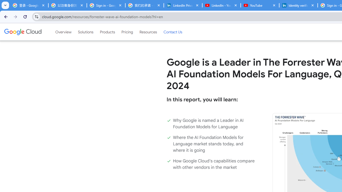 Image resolution: width=342 pixels, height=192 pixels. I want to click on 'Contact Us', so click(173, 32).